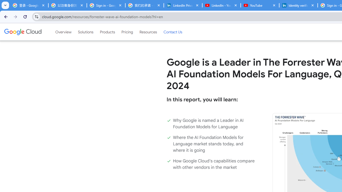 Image resolution: width=342 pixels, height=192 pixels. I want to click on 'Contact Us', so click(173, 32).